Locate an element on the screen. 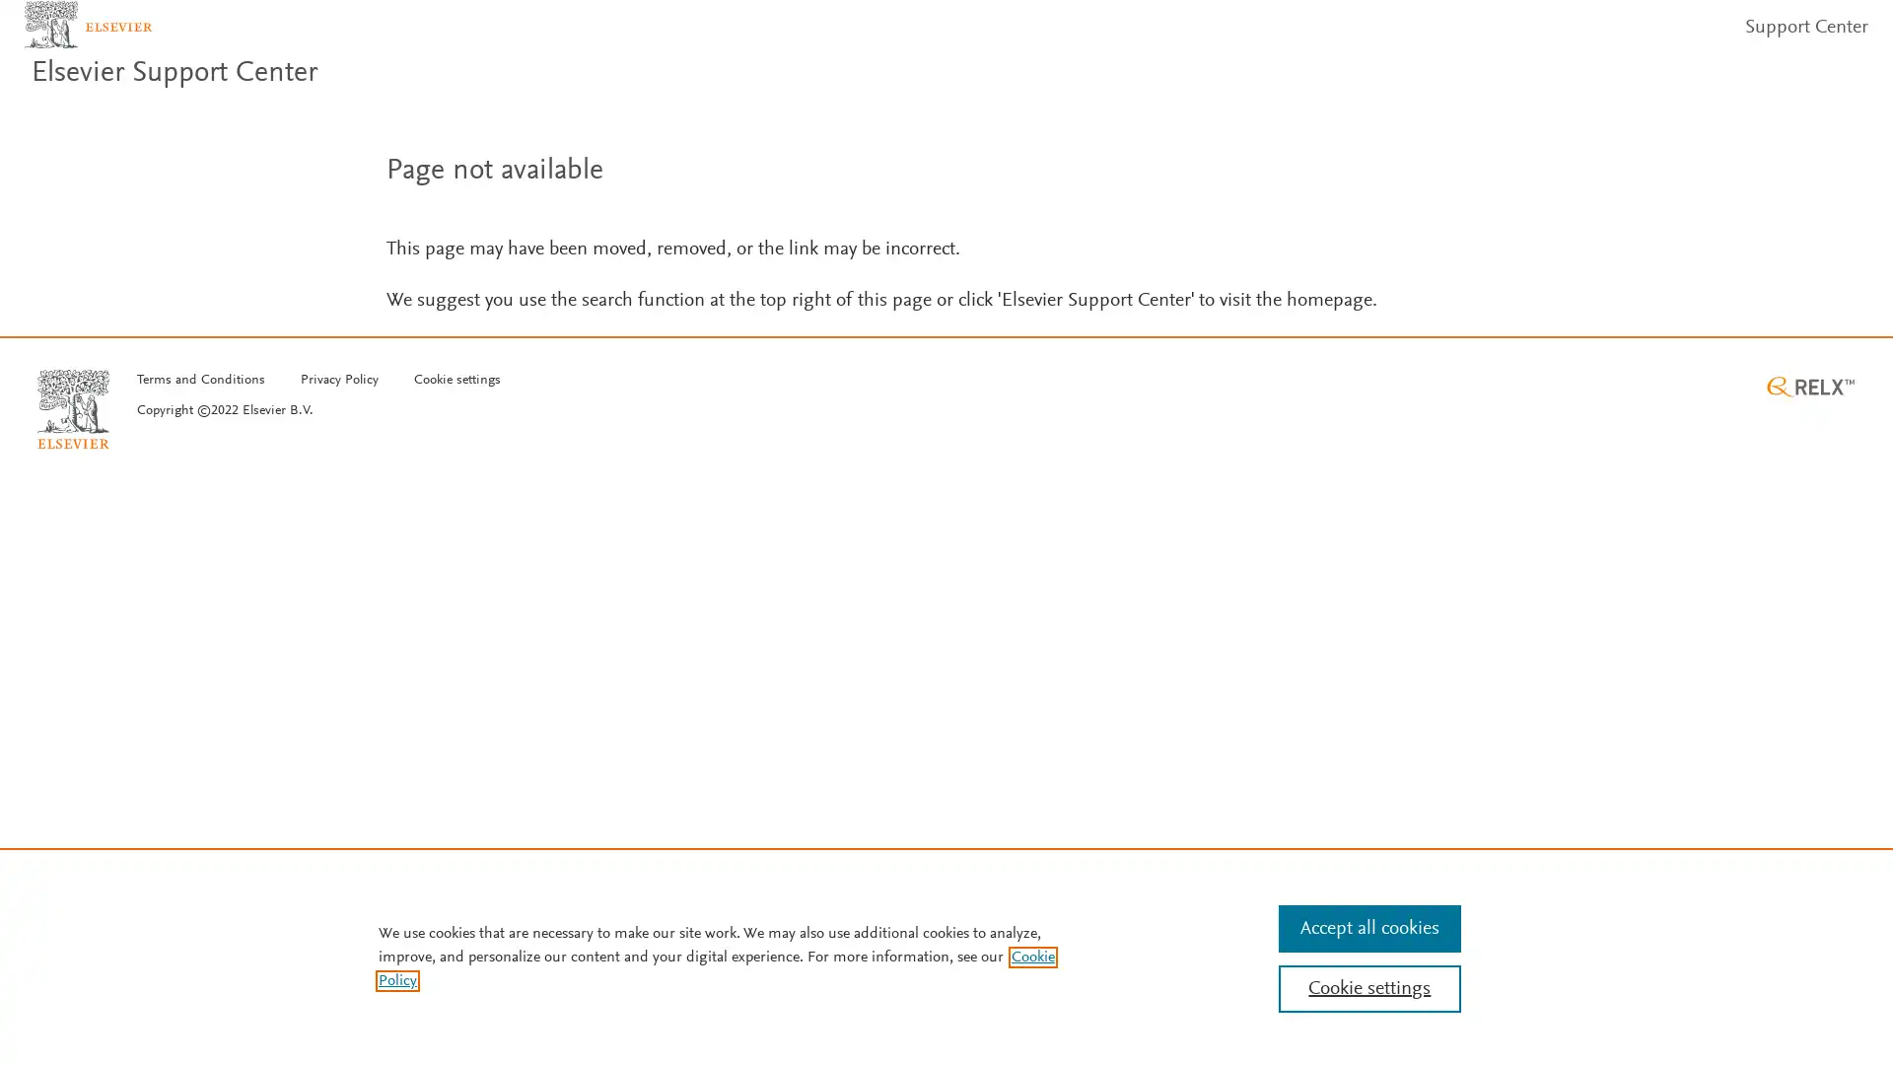 Image resolution: width=1893 pixels, height=1065 pixels. Cookie settings is located at coordinates (1367, 988).